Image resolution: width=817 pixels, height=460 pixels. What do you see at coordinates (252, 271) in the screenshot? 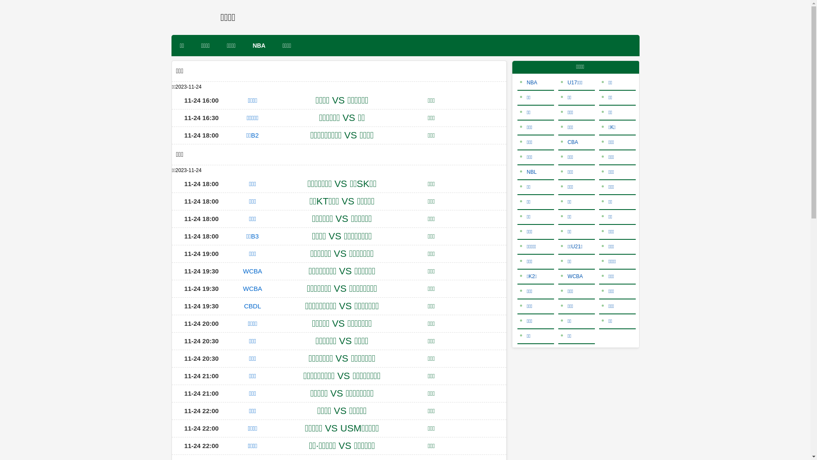
I see `'WCBA'` at bounding box center [252, 271].